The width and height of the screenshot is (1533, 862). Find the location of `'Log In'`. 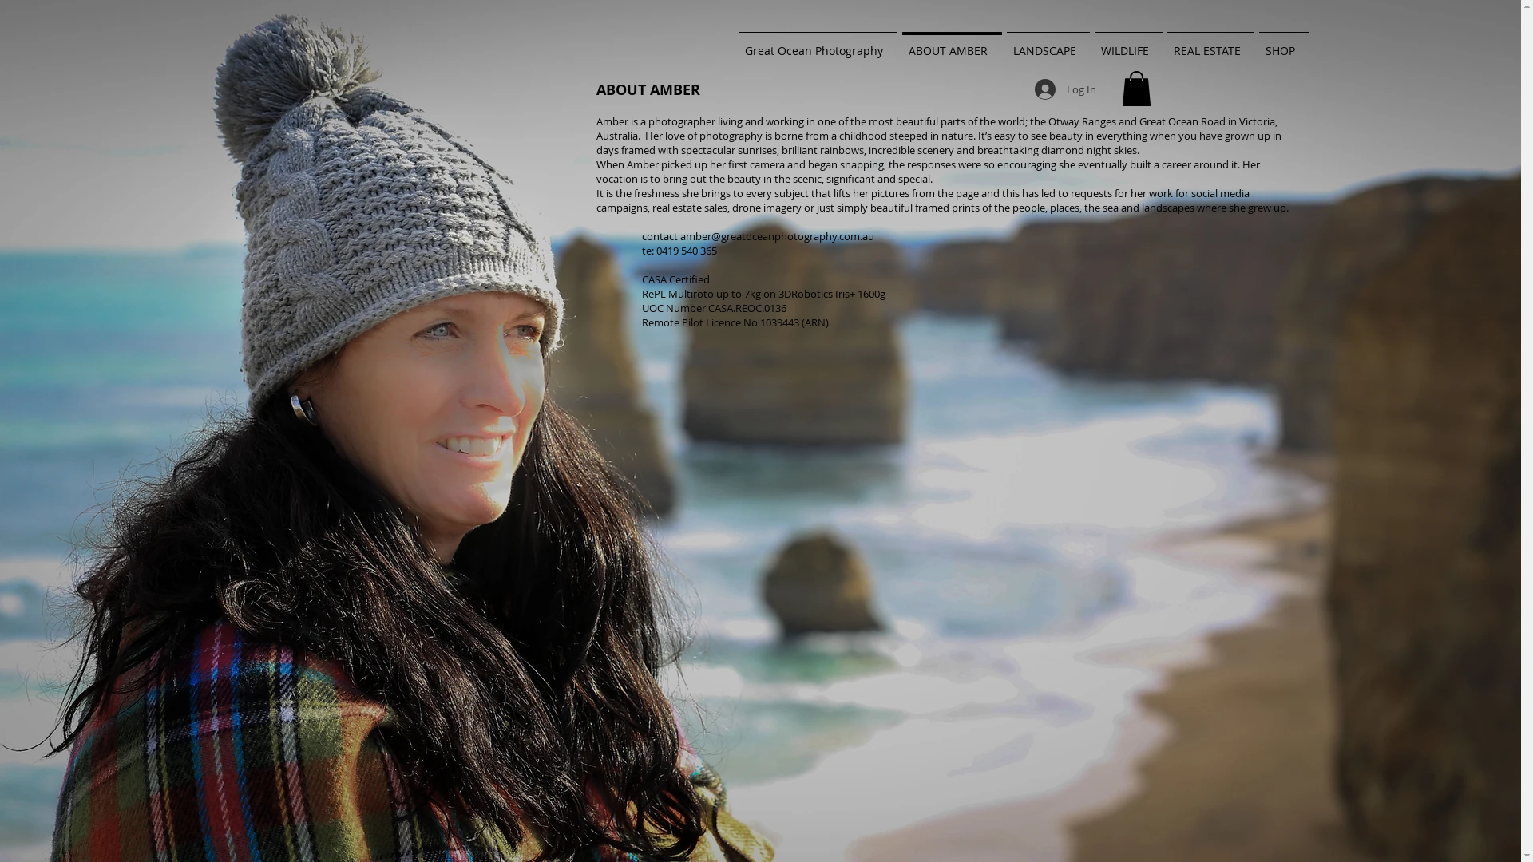

'Log In' is located at coordinates (1065, 89).